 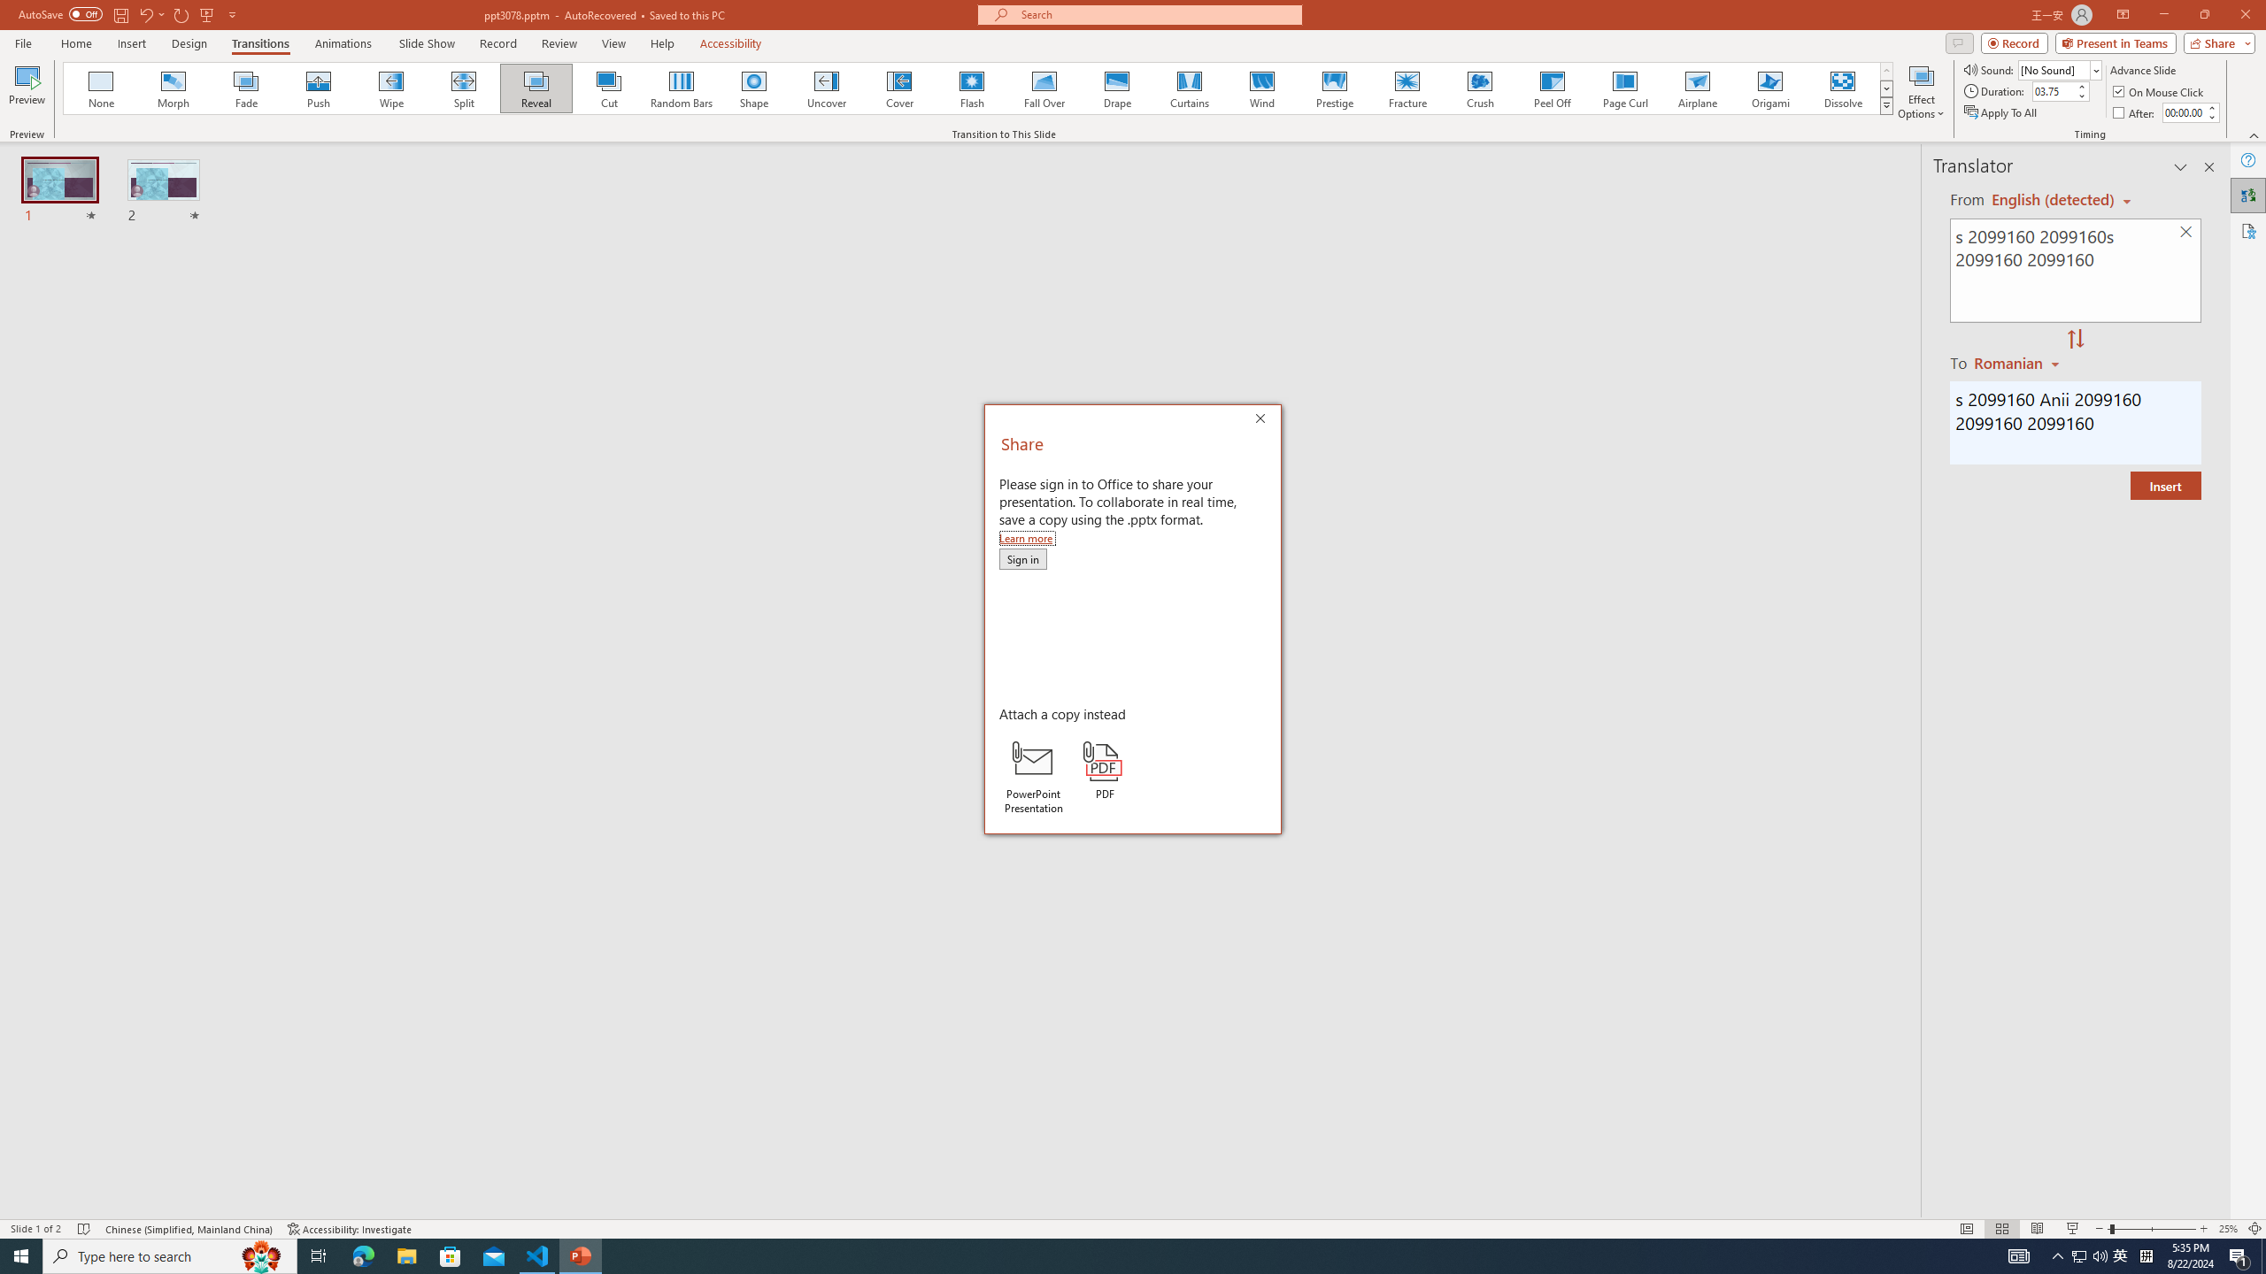 What do you see at coordinates (971, 88) in the screenshot?
I see `'Flash'` at bounding box center [971, 88].